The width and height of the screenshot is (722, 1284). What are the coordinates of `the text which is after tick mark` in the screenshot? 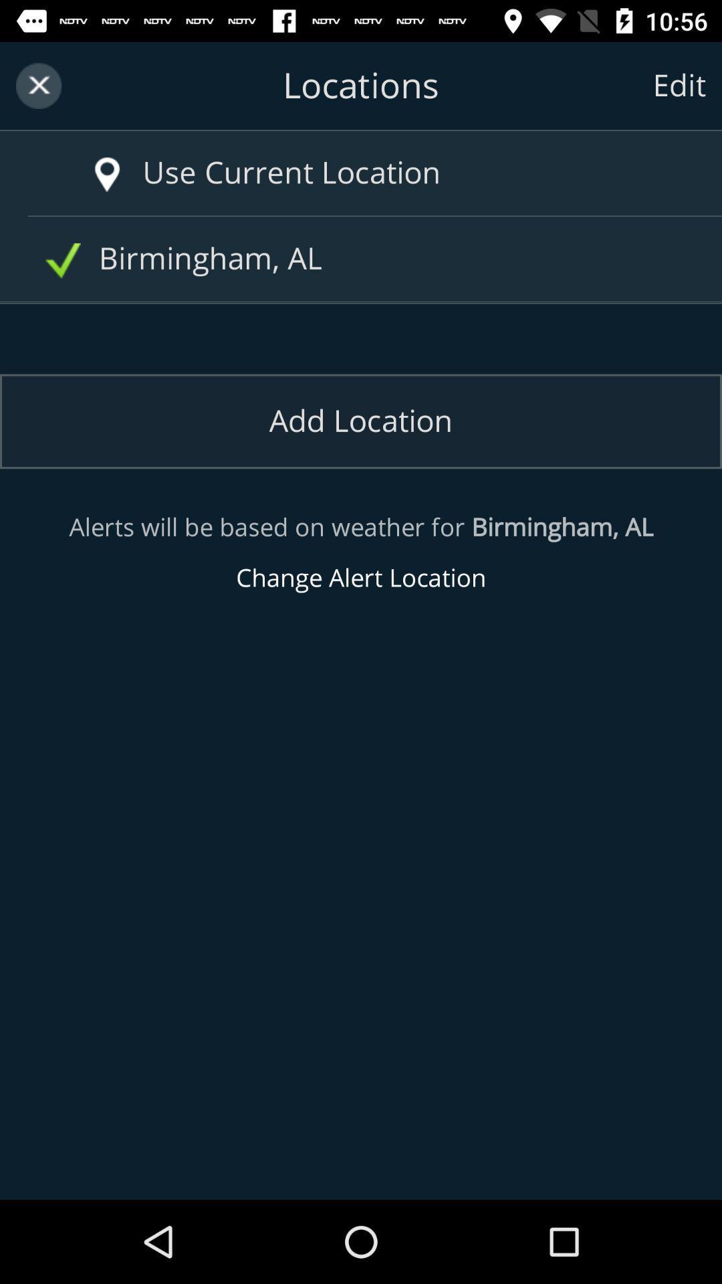 It's located at (366, 259).